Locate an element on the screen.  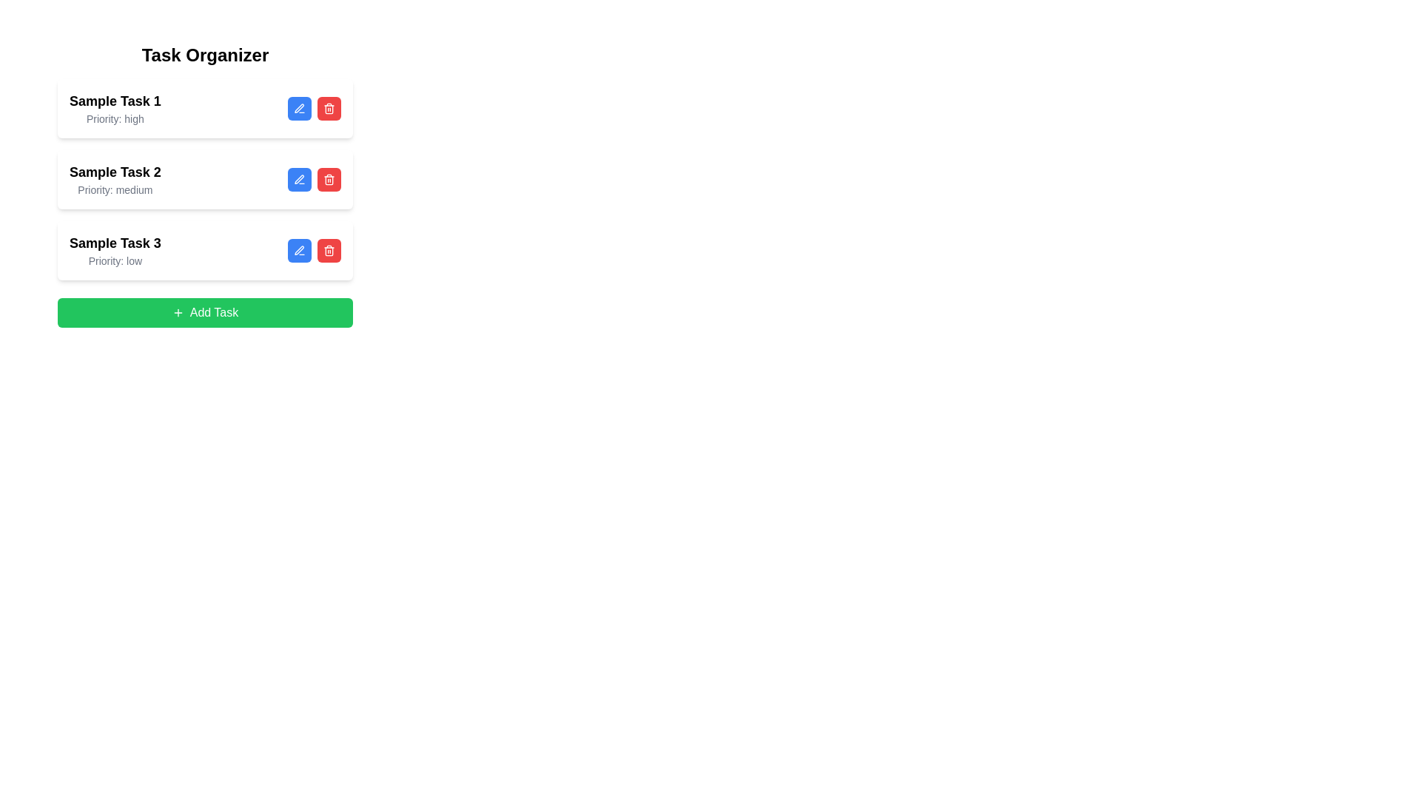
the edit icon, which is a small pen icon within a blue circular button located next to the red trash bin icon in the first task card titled 'Sample Task 1: Priority: high' is located at coordinates (298, 107).